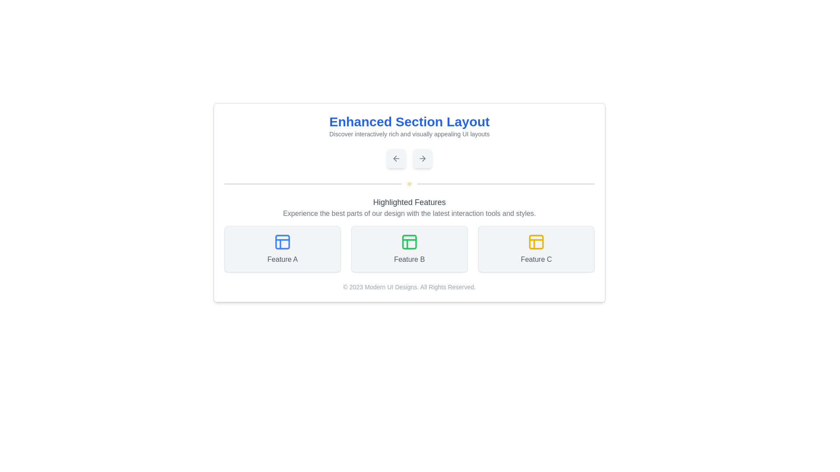 Image resolution: width=840 pixels, height=472 pixels. I want to click on the icon representing 'Feature C', which is located within the card labeled 'Feature C' on the rightmost side of a three-column layout under 'Highlighted Features', so click(535, 242).